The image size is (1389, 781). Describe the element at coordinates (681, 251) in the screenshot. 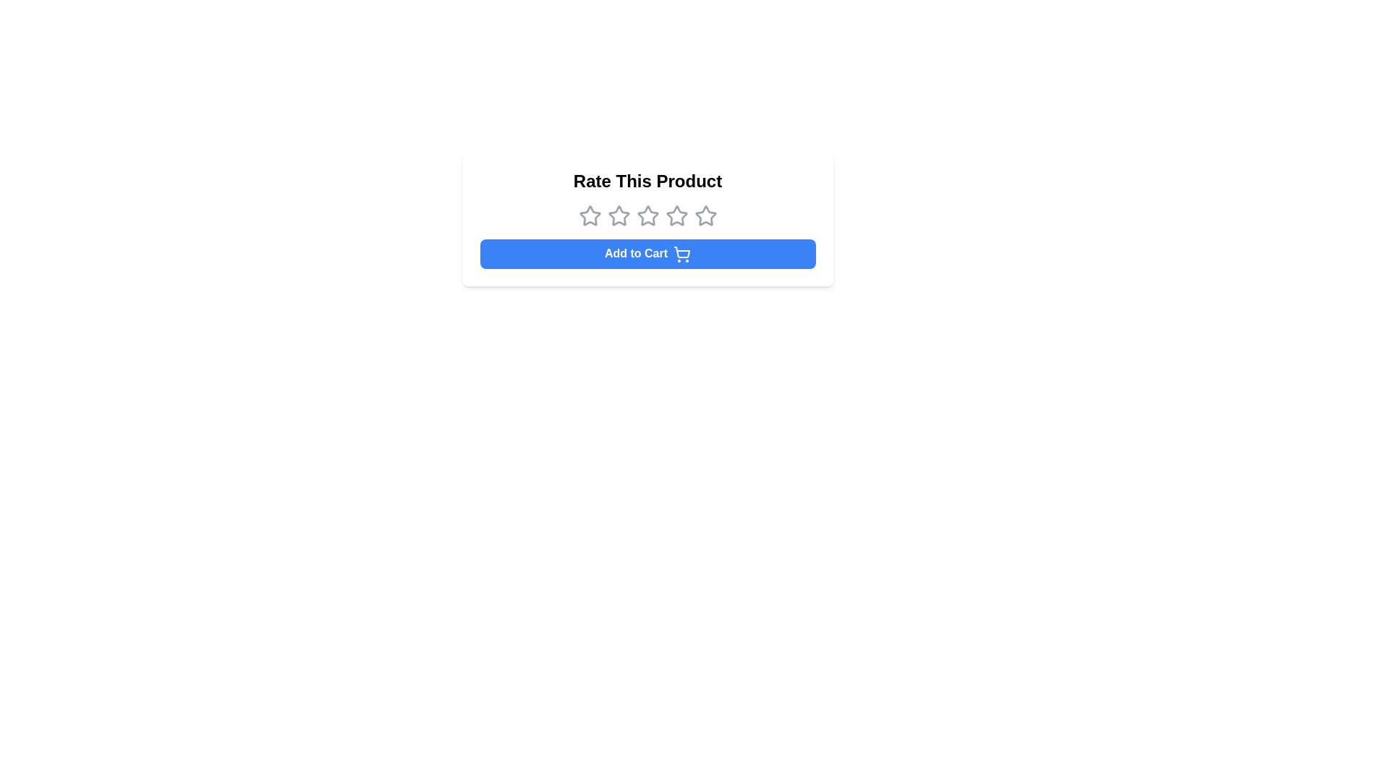

I see `the shopping cart icon located on the right side of the 'Add to Cart' button` at that location.